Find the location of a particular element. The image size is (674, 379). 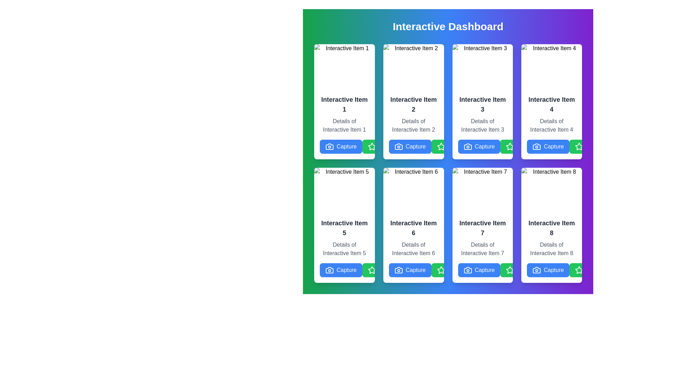

the button to capture or save the content associated with the card labeled 'Interactive Item 7', located at the bottom center of the card, to the left of the green 'Favorite' button is located at coordinates (478, 270).